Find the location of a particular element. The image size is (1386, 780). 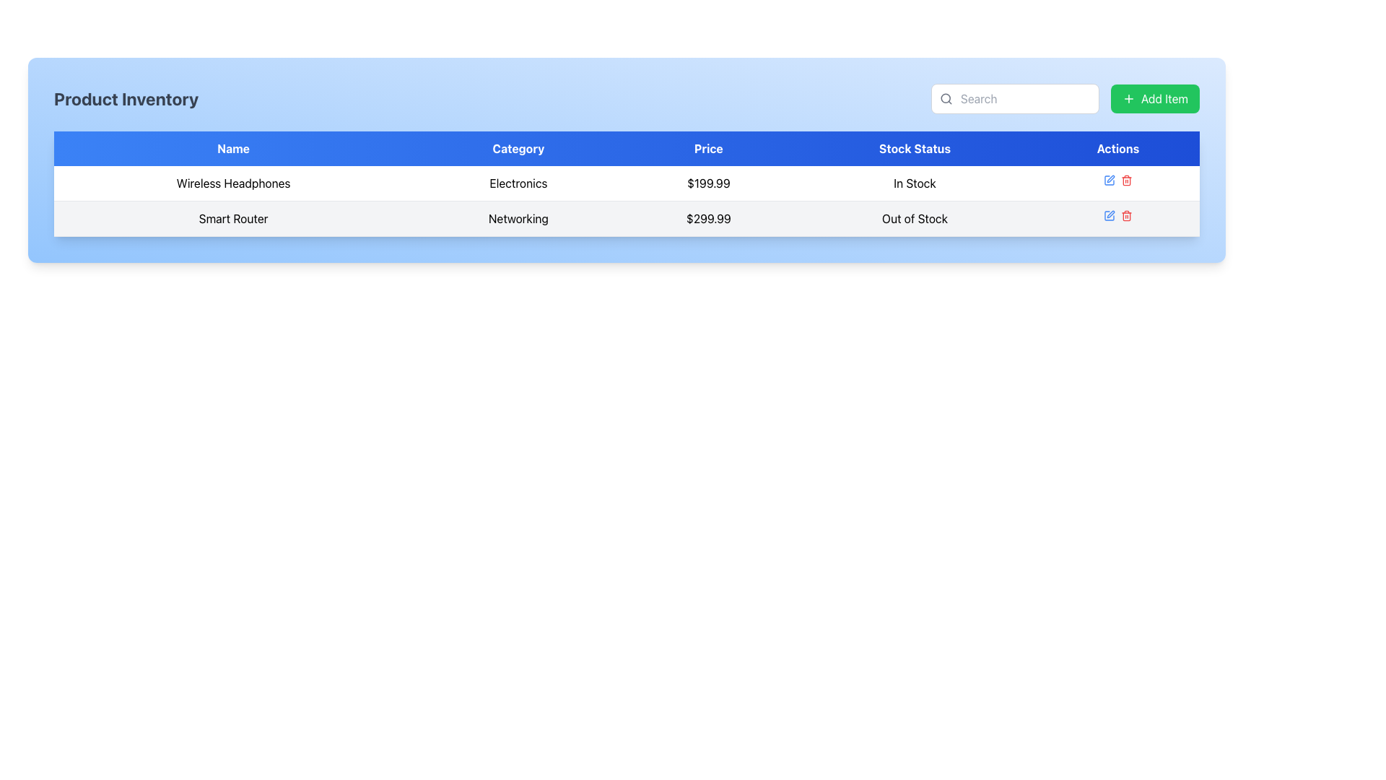

the plus icon within the 'Add Item' button, which has a green background and white lines, located at the top-right corner of the interface is located at coordinates (1128, 98).